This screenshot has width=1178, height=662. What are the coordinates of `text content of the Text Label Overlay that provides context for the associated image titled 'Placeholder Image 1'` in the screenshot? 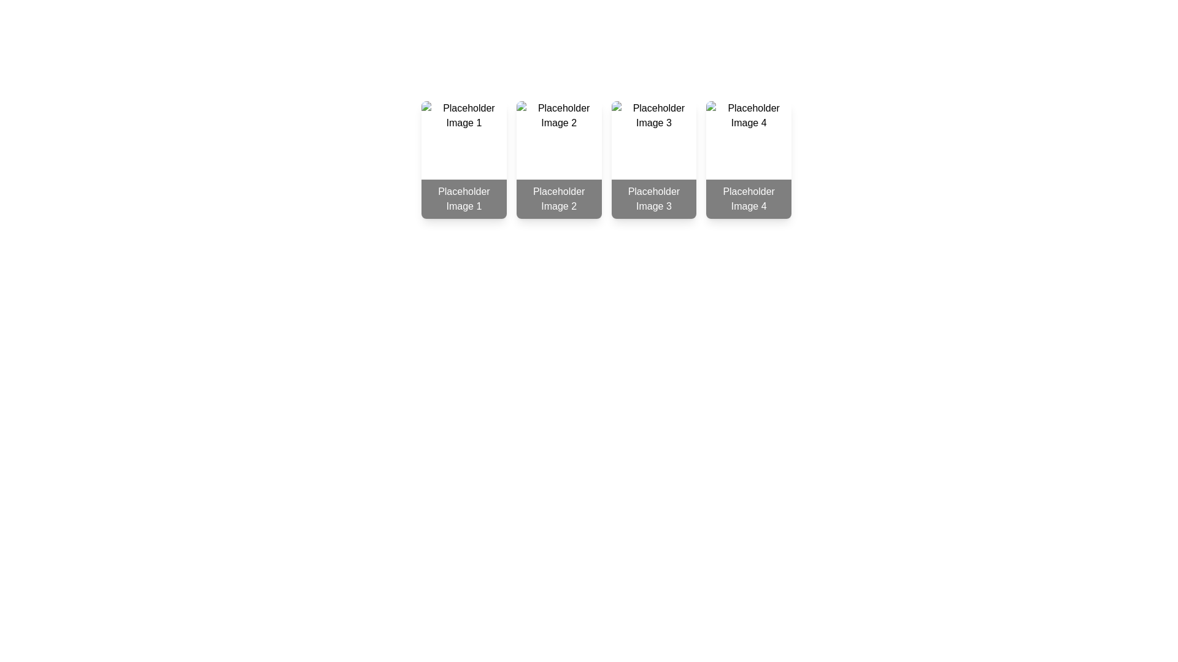 It's located at (463, 198).